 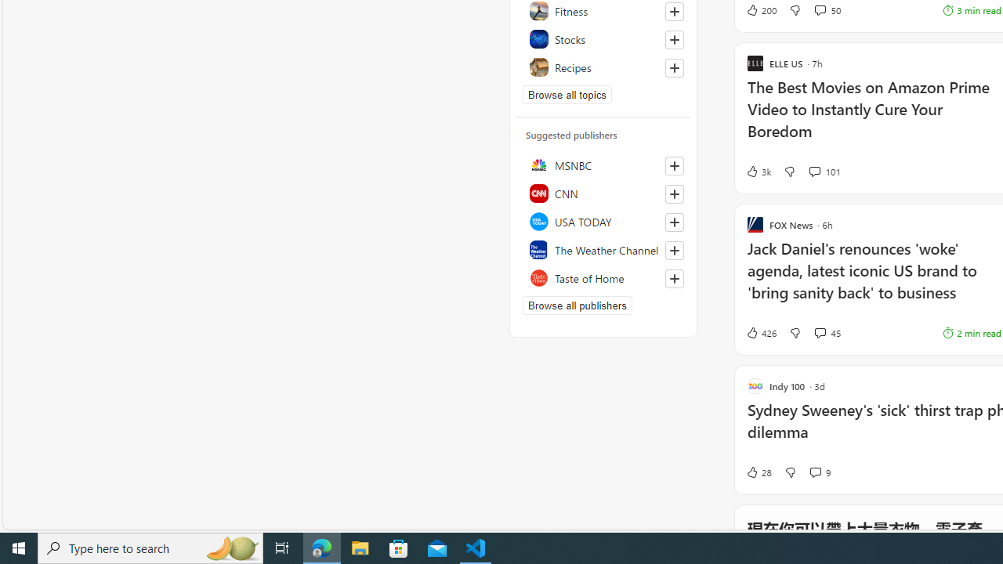 What do you see at coordinates (819, 9) in the screenshot?
I see `'View comments 50 Comment'` at bounding box center [819, 9].